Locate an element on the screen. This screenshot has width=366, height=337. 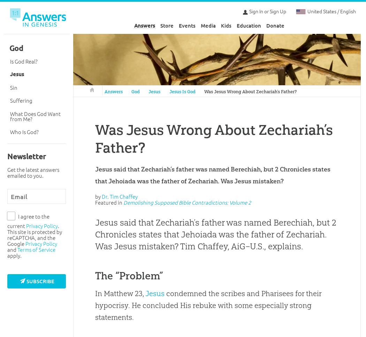
'Is God Real?' is located at coordinates (10, 60).